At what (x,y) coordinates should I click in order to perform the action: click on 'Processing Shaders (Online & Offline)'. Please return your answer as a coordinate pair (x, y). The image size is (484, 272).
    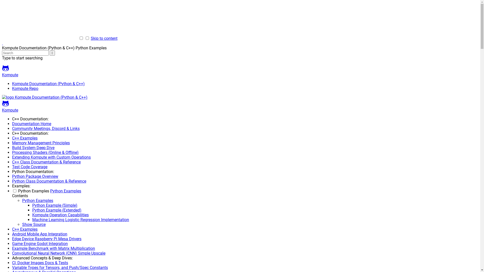
    Looking at the image, I should click on (12, 152).